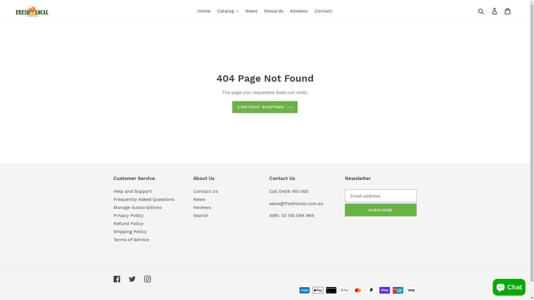 This screenshot has width=534, height=300. What do you see at coordinates (481, 11) in the screenshot?
I see `'Submit'` at bounding box center [481, 11].